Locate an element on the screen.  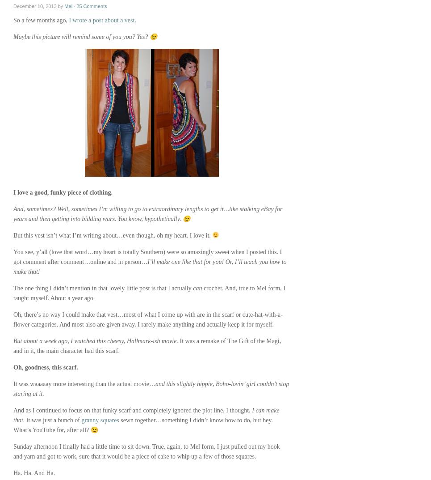
'I wrote a post about a vest' is located at coordinates (101, 20).